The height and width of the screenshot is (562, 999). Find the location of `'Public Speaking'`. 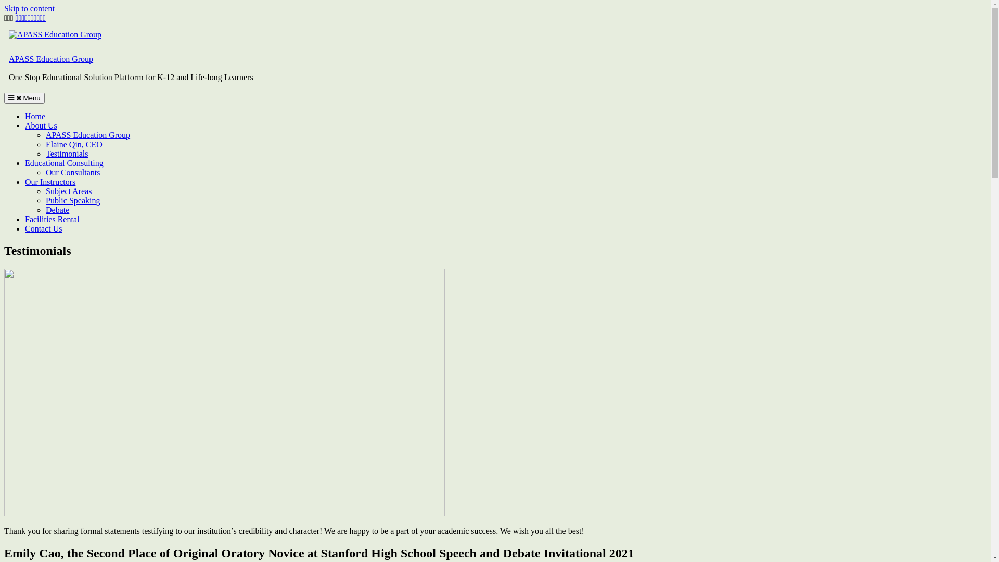

'Public Speaking' is located at coordinates (72, 200).